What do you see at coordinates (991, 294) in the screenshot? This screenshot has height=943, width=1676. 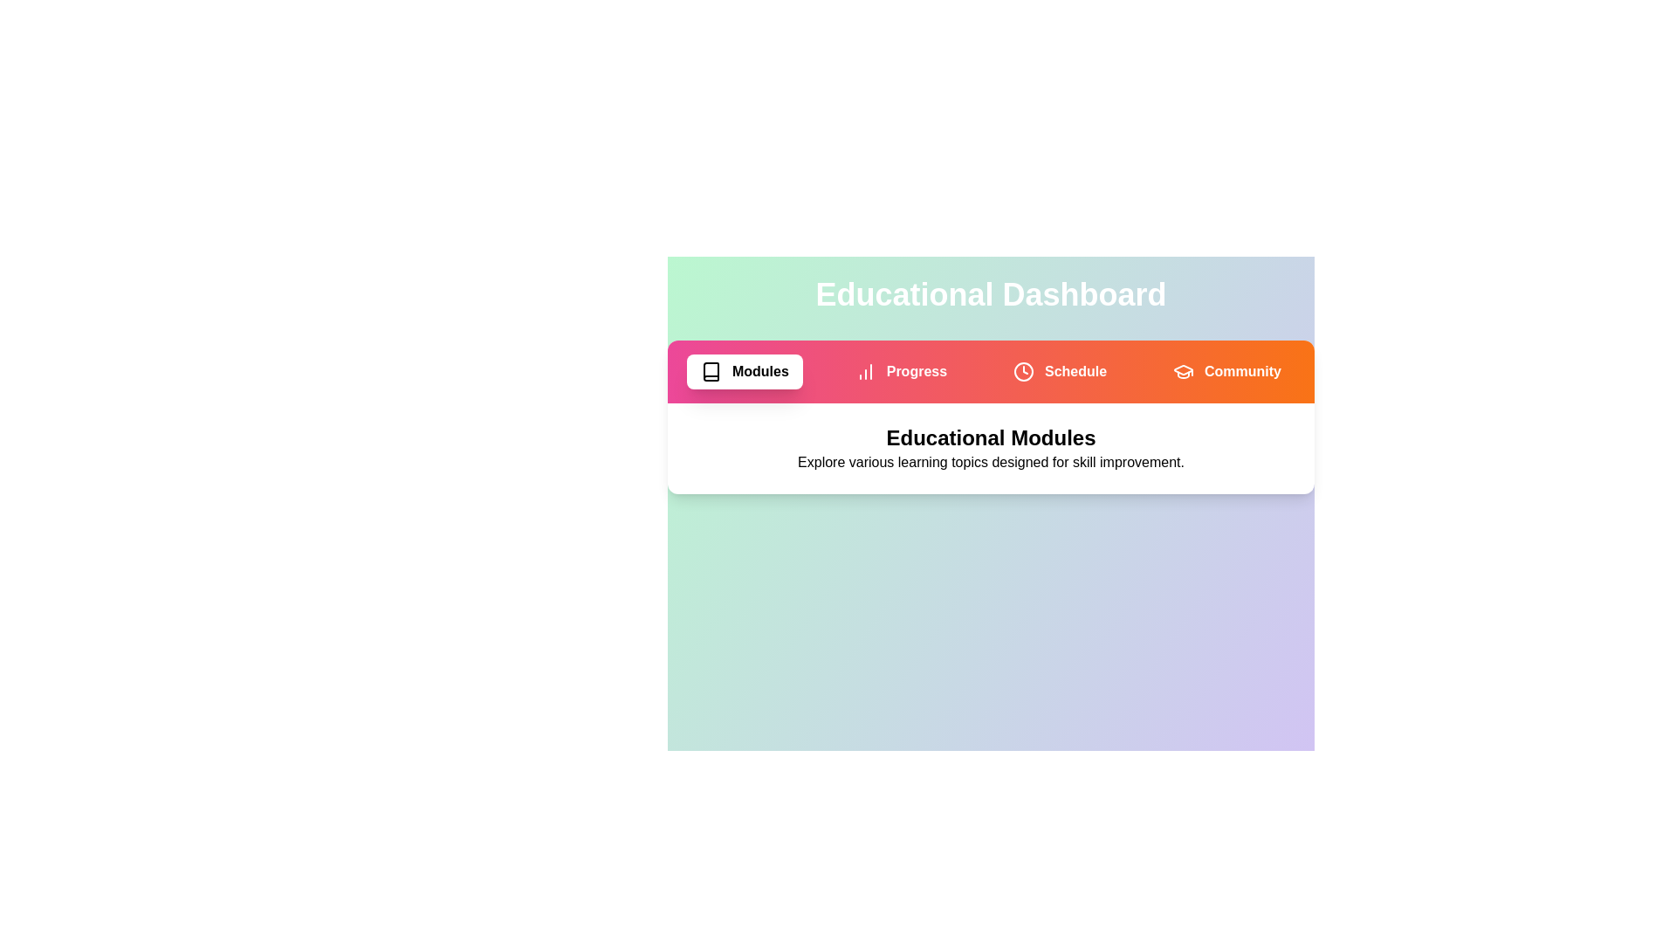 I see `the prominently styled title 'Educational Dashboard' located at the top of the interface, which features bold white text against a gradient background` at bounding box center [991, 294].